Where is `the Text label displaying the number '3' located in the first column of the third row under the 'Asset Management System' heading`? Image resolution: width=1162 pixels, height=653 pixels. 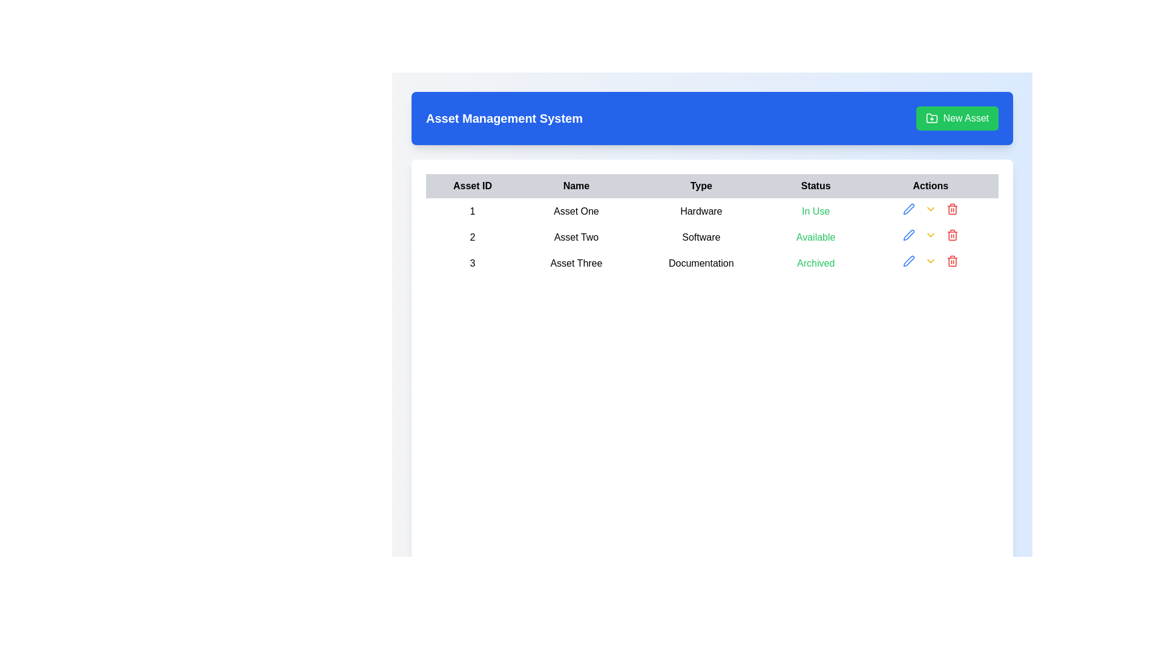
the Text label displaying the number '3' located in the first column of the third row under the 'Asset Management System' heading is located at coordinates (471, 262).